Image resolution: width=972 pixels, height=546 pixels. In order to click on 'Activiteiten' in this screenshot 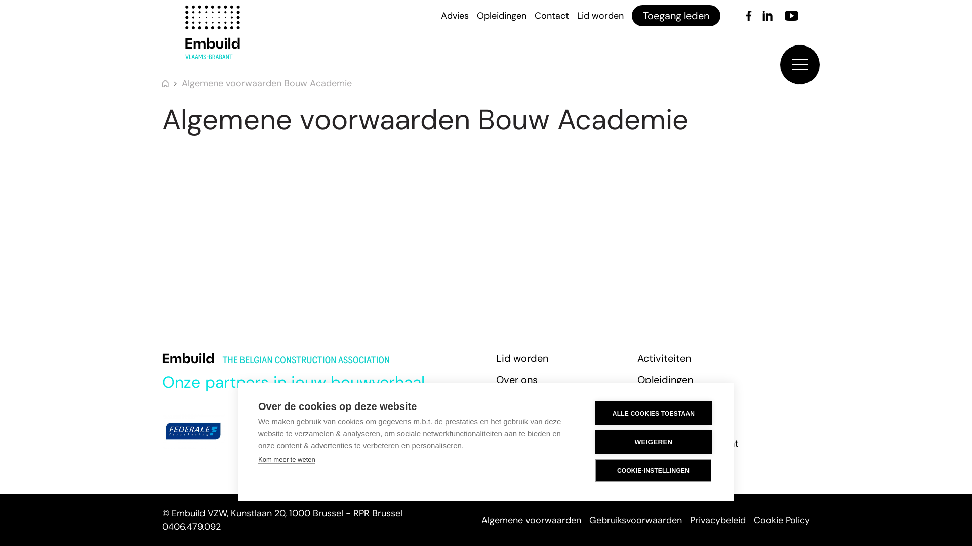, I will do `click(636, 358)`.